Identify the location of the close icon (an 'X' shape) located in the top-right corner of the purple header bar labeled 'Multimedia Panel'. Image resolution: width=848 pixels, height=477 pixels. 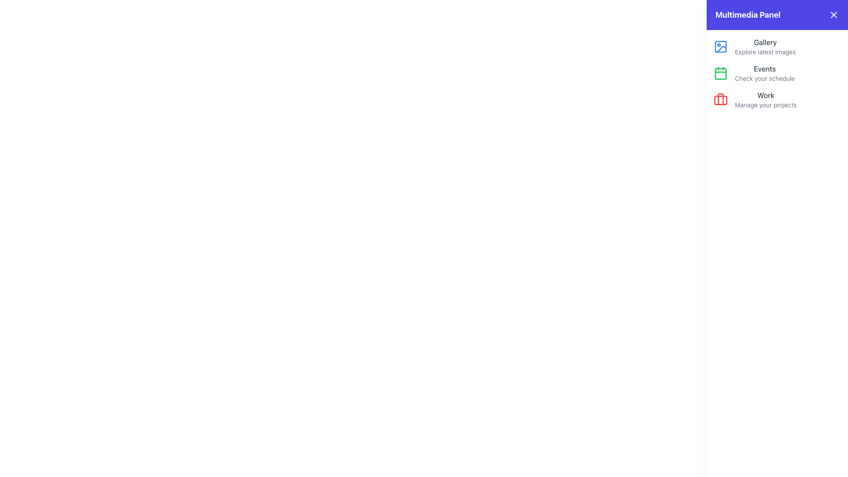
(833, 15).